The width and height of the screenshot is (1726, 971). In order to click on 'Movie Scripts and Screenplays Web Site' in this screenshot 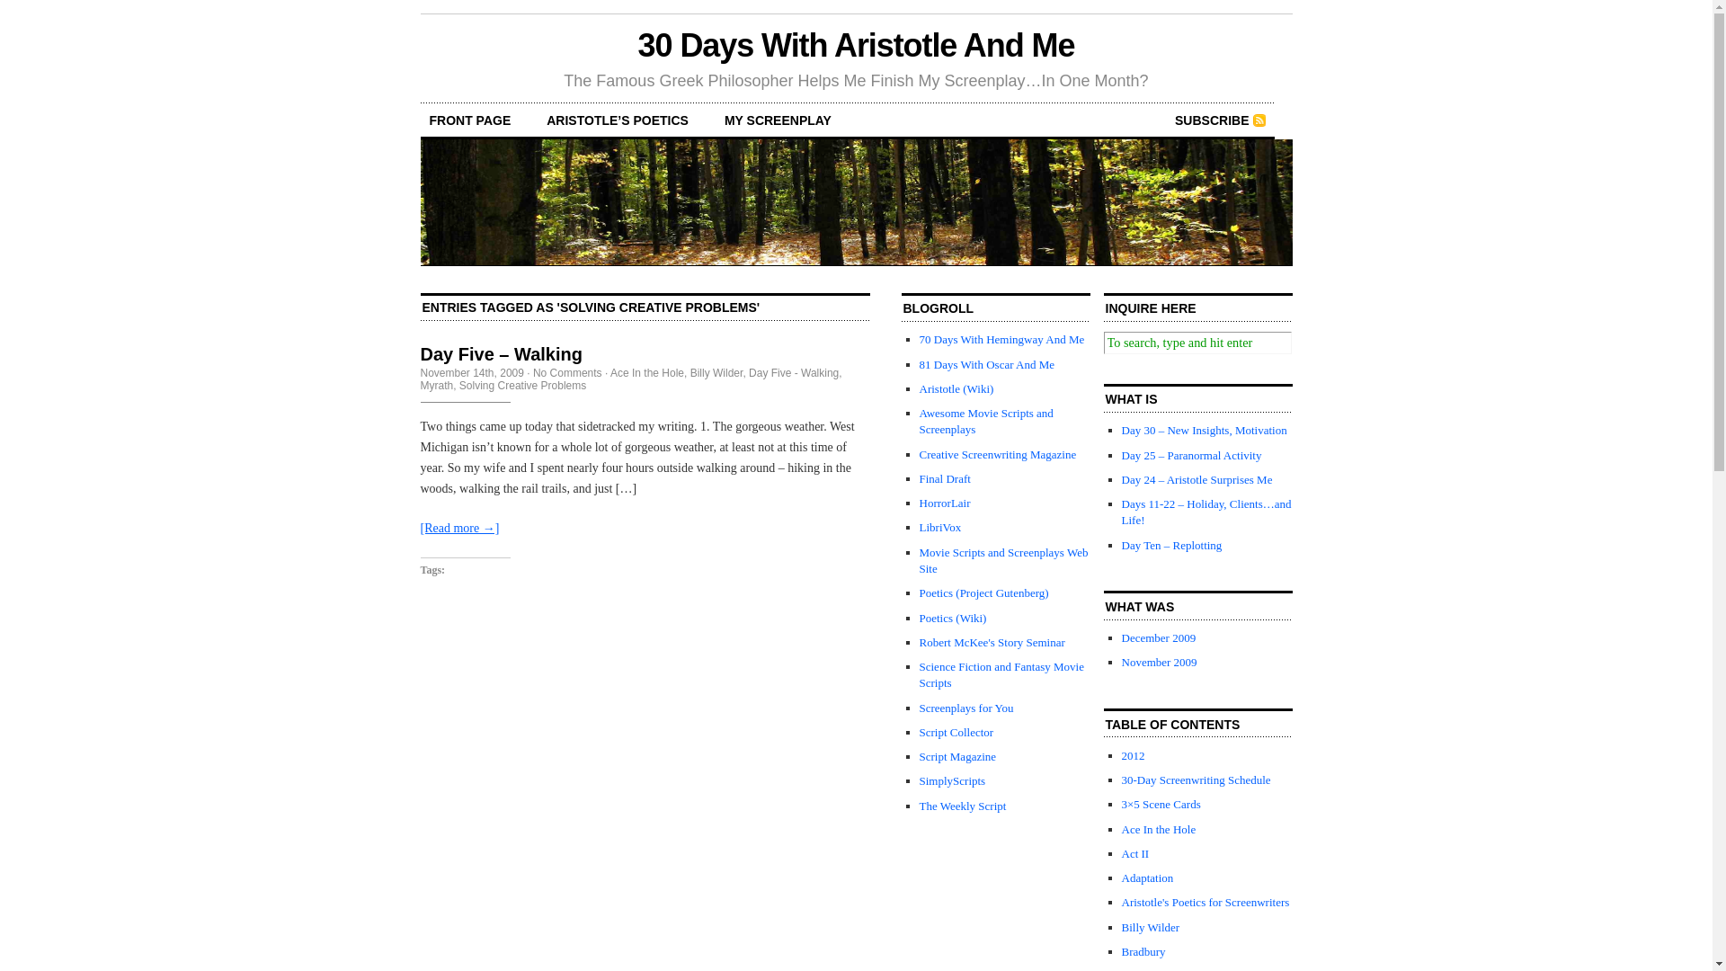, I will do `click(1002, 559)`.